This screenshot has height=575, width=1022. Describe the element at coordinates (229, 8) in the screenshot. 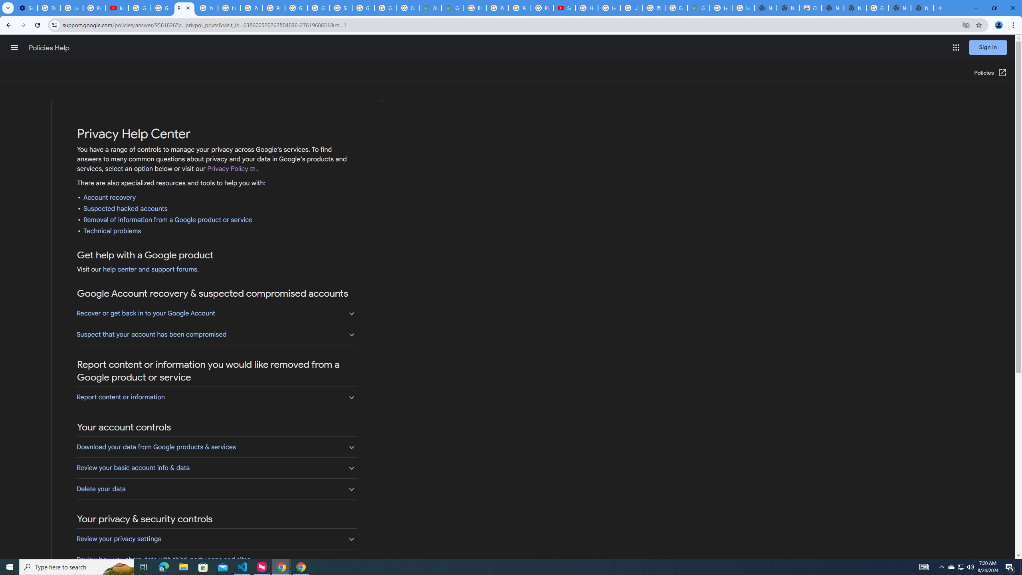

I see `'https://scholar.google.com/'` at that location.